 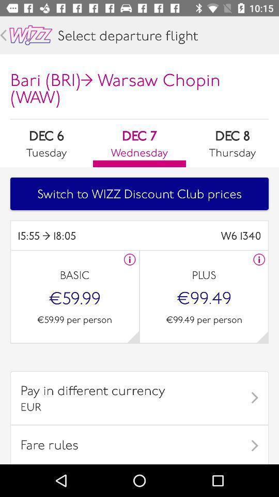 What do you see at coordinates (78, 236) in the screenshot?
I see `item to the left of w6 1340 item` at bounding box center [78, 236].